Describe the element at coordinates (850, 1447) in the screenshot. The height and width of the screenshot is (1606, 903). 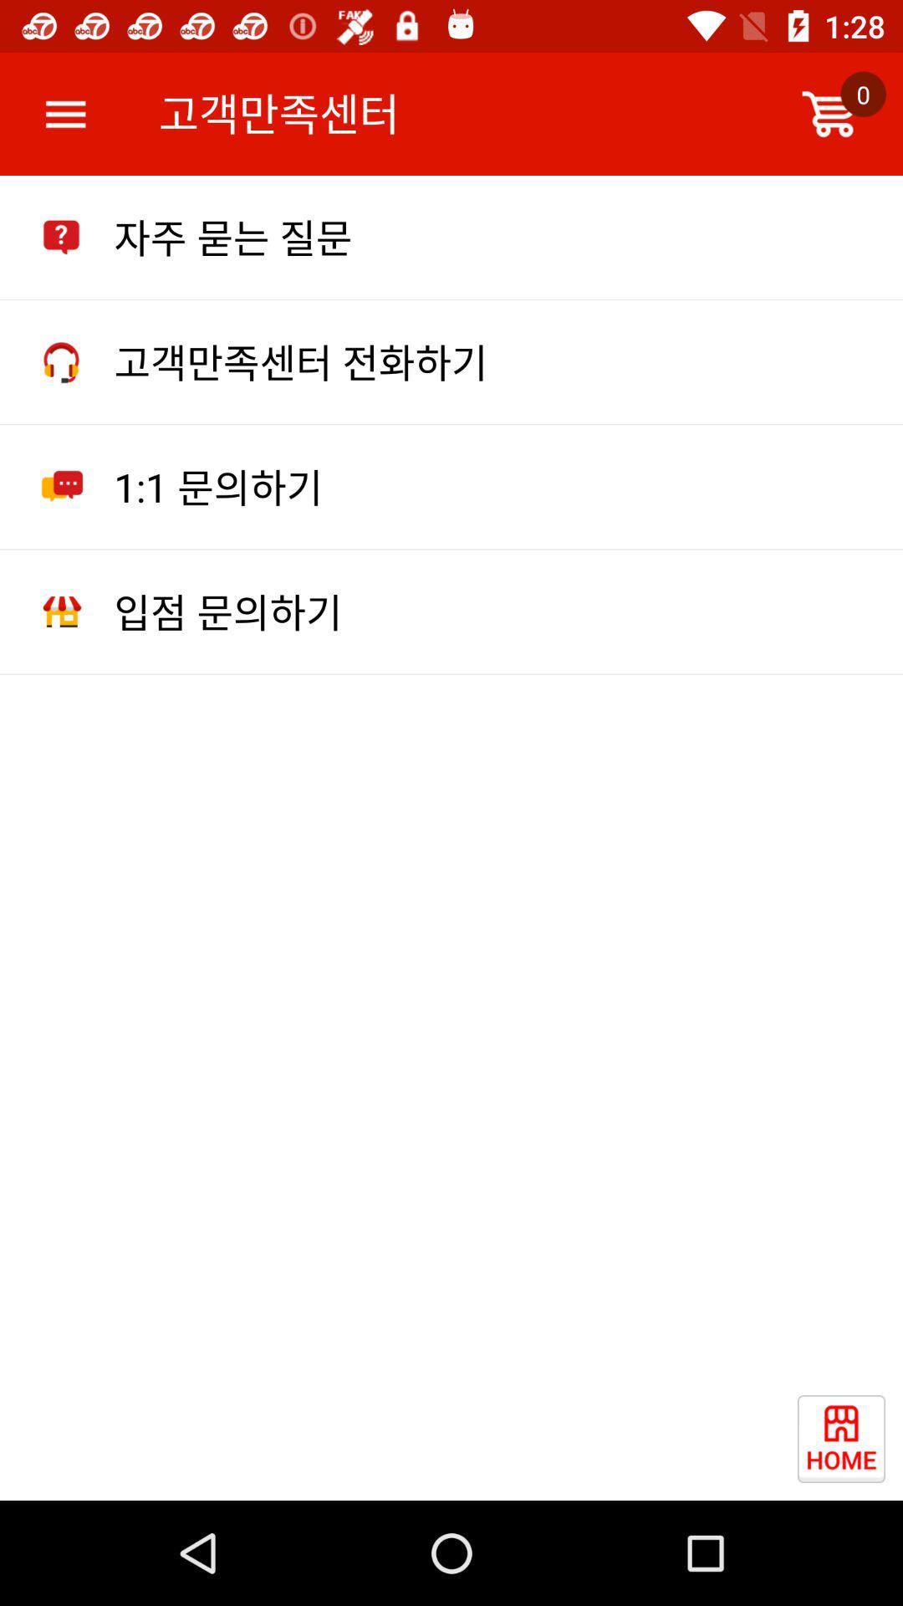
I see `the date_range icon` at that location.